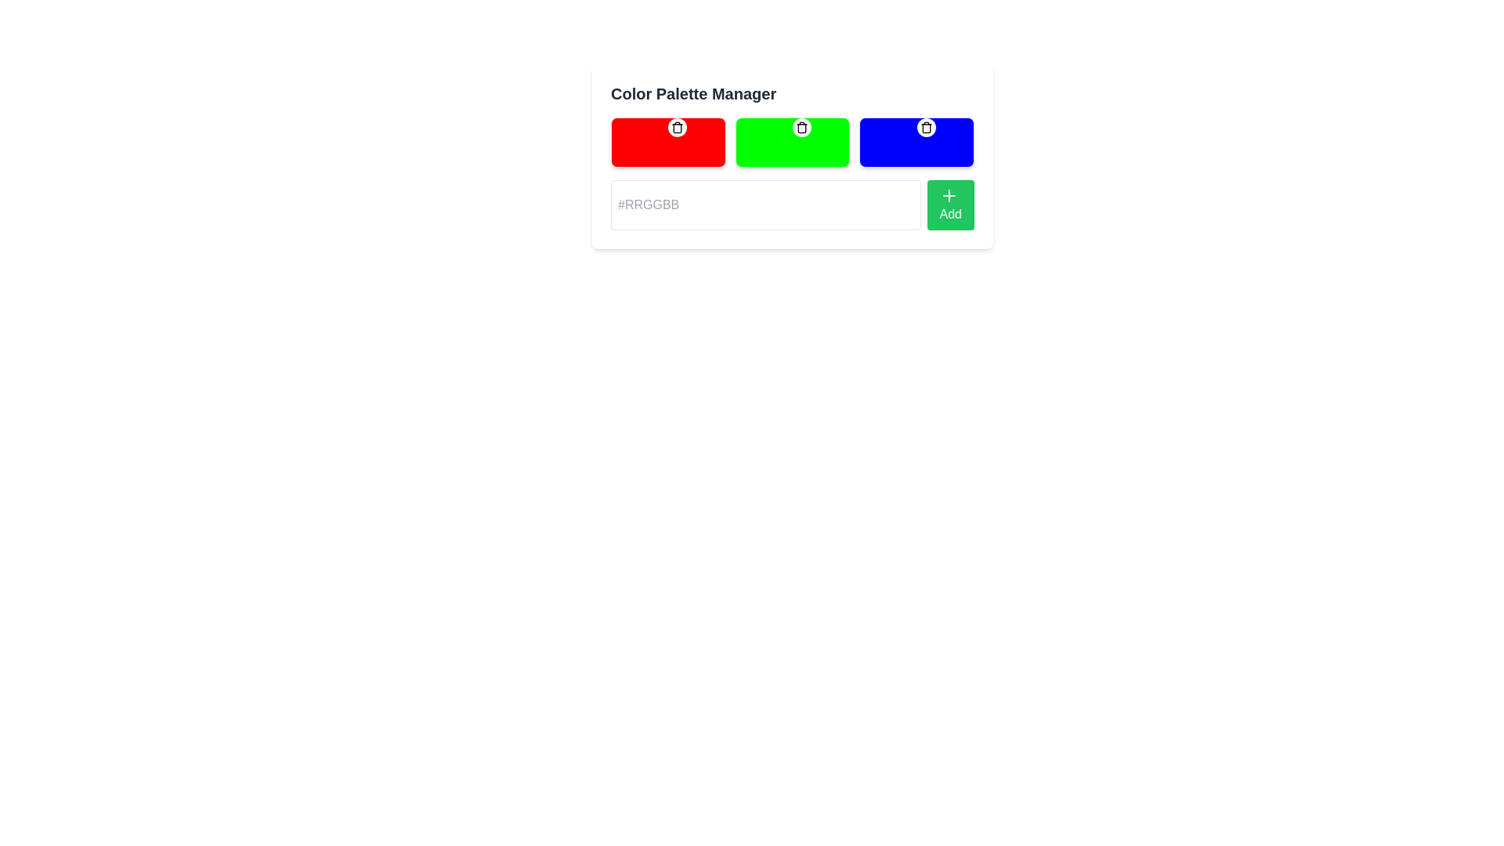  Describe the element at coordinates (948, 195) in the screenshot. I see `the 'add' icon located at the bottom-right of the card interface, which represents the functionality to add a new color to the palette` at that location.